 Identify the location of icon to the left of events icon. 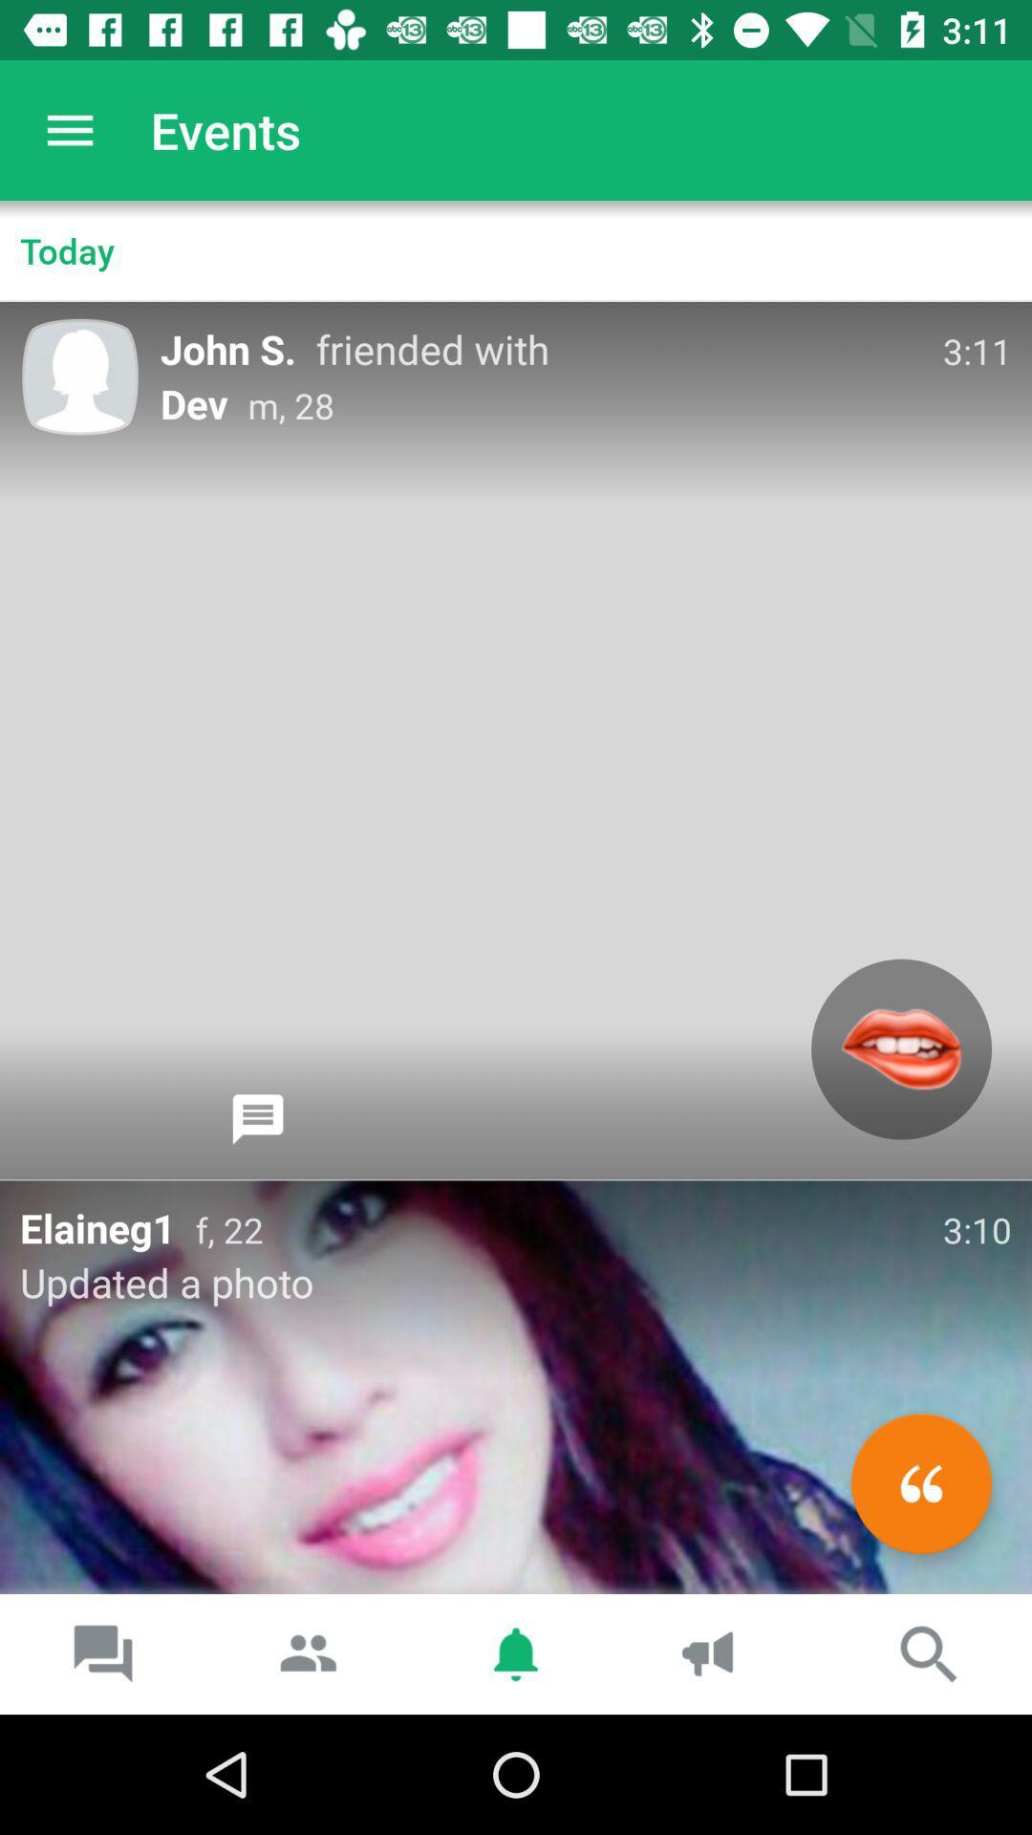
(69, 129).